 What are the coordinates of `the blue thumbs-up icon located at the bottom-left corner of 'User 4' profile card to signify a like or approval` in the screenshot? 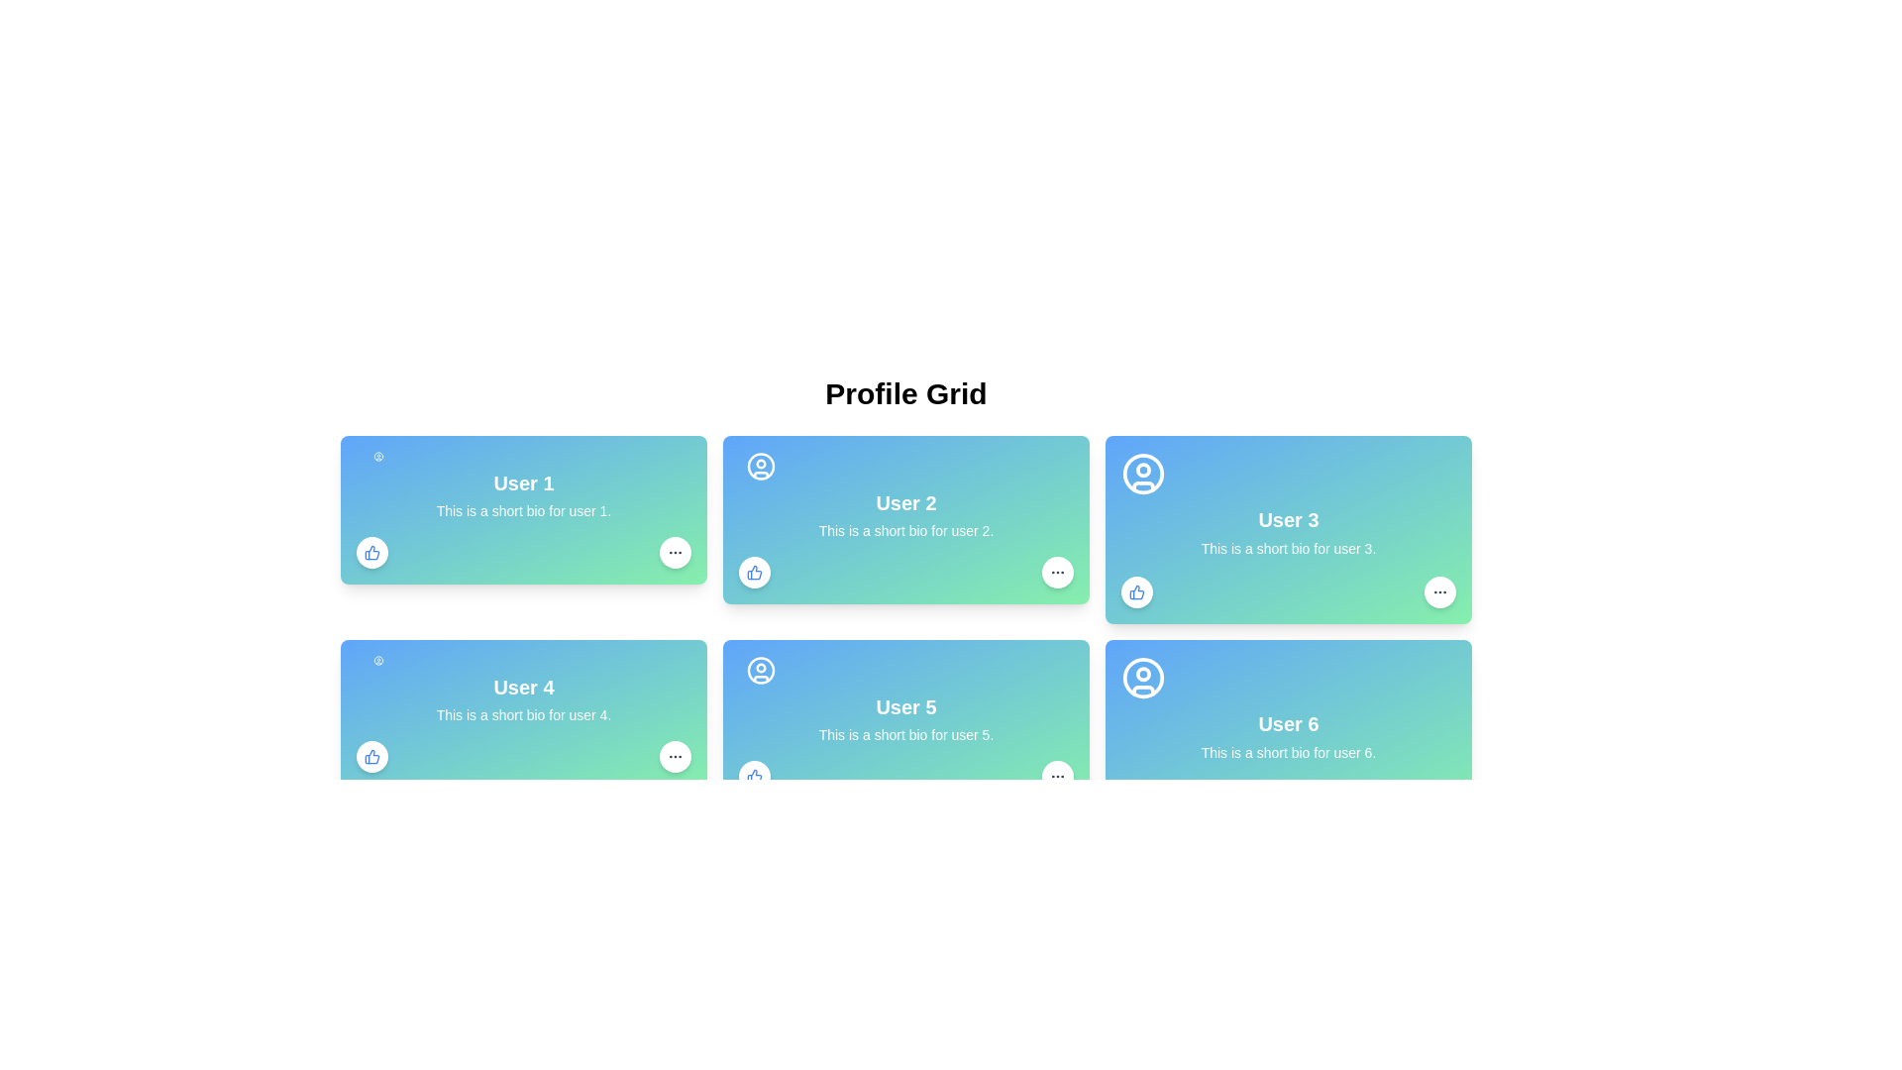 It's located at (371, 756).